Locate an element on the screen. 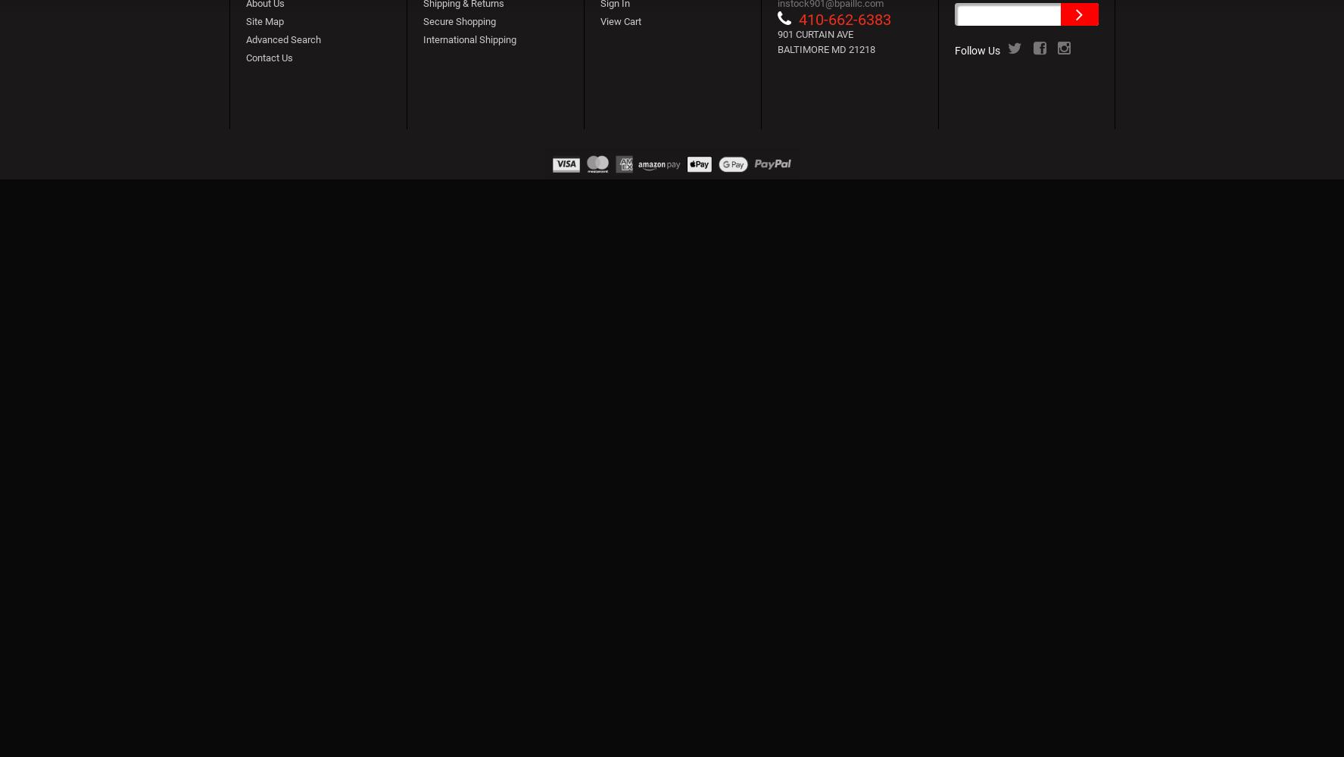 The image size is (1344, 757). '410-662-6383' is located at coordinates (844, 20).